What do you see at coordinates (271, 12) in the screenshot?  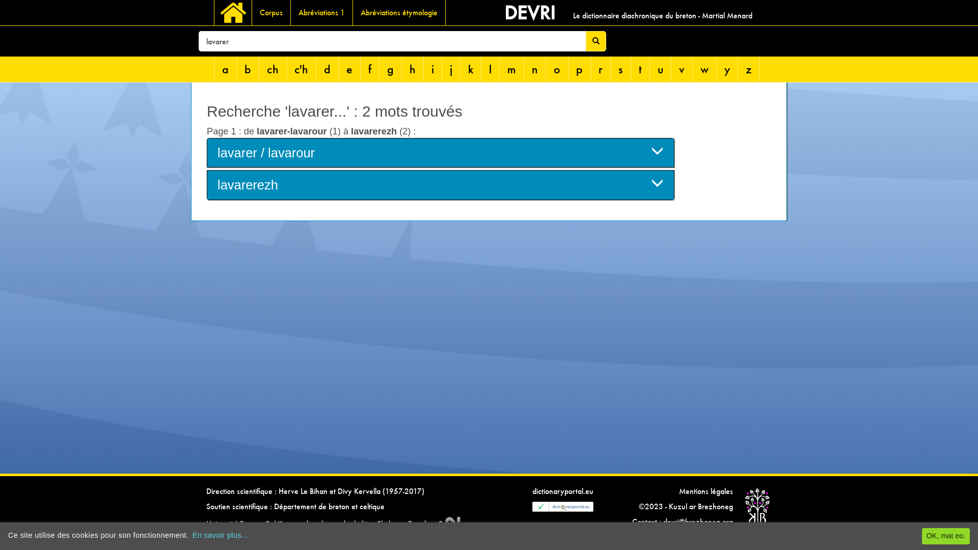 I see `'Corpus'` at bounding box center [271, 12].